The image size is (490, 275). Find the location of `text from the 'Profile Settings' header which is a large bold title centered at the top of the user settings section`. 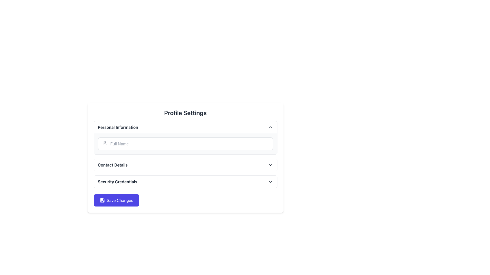

text from the 'Profile Settings' header which is a large bold title centered at the top of the user settings section is located at coordinates (185, 113).